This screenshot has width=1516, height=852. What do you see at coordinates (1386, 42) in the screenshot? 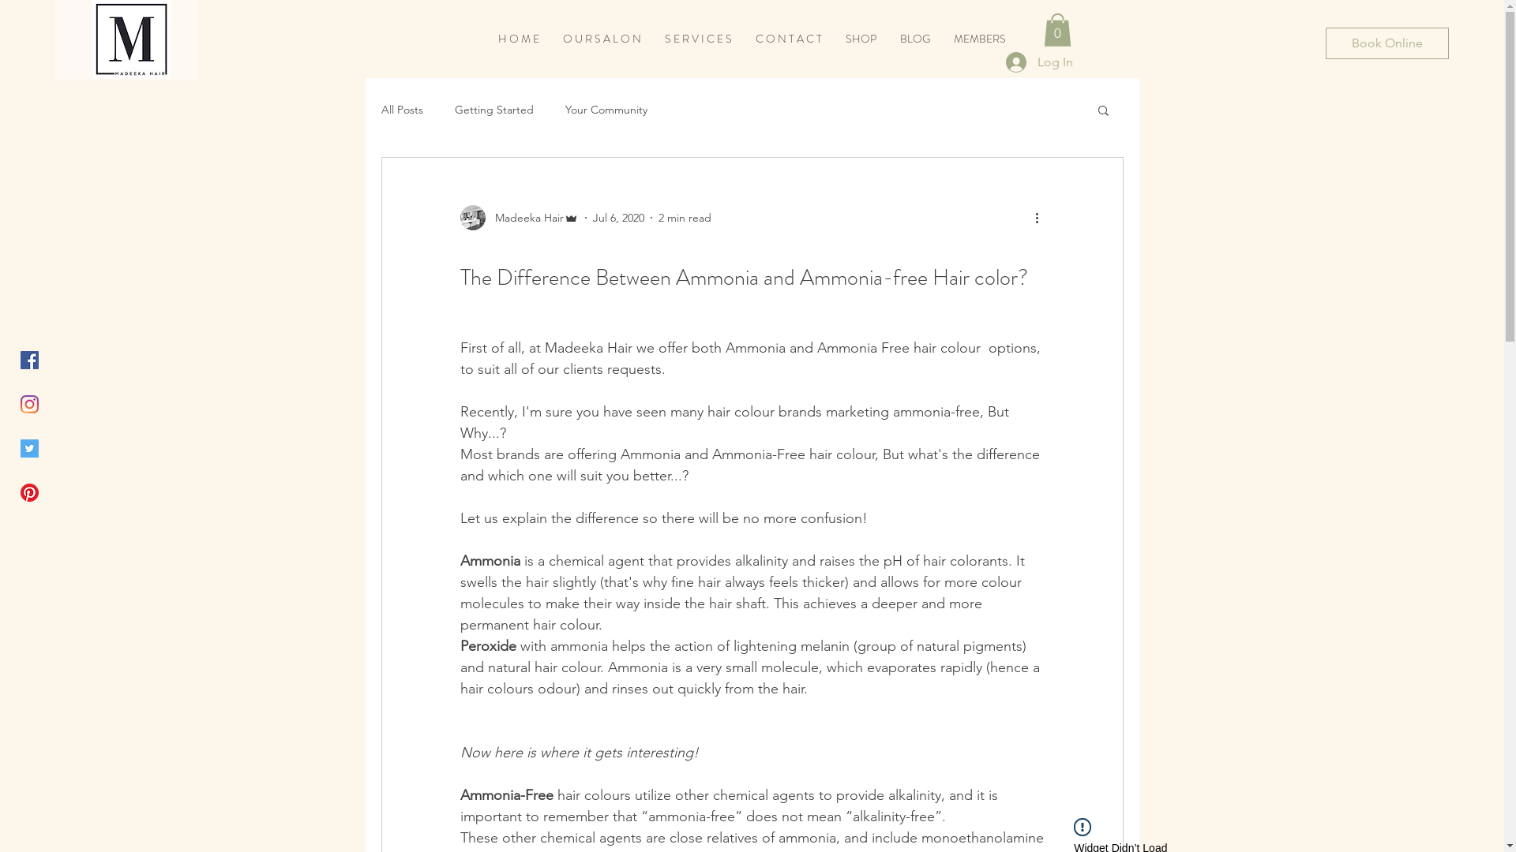
I see `'Book Online'` at bounding box center [1386, 42].